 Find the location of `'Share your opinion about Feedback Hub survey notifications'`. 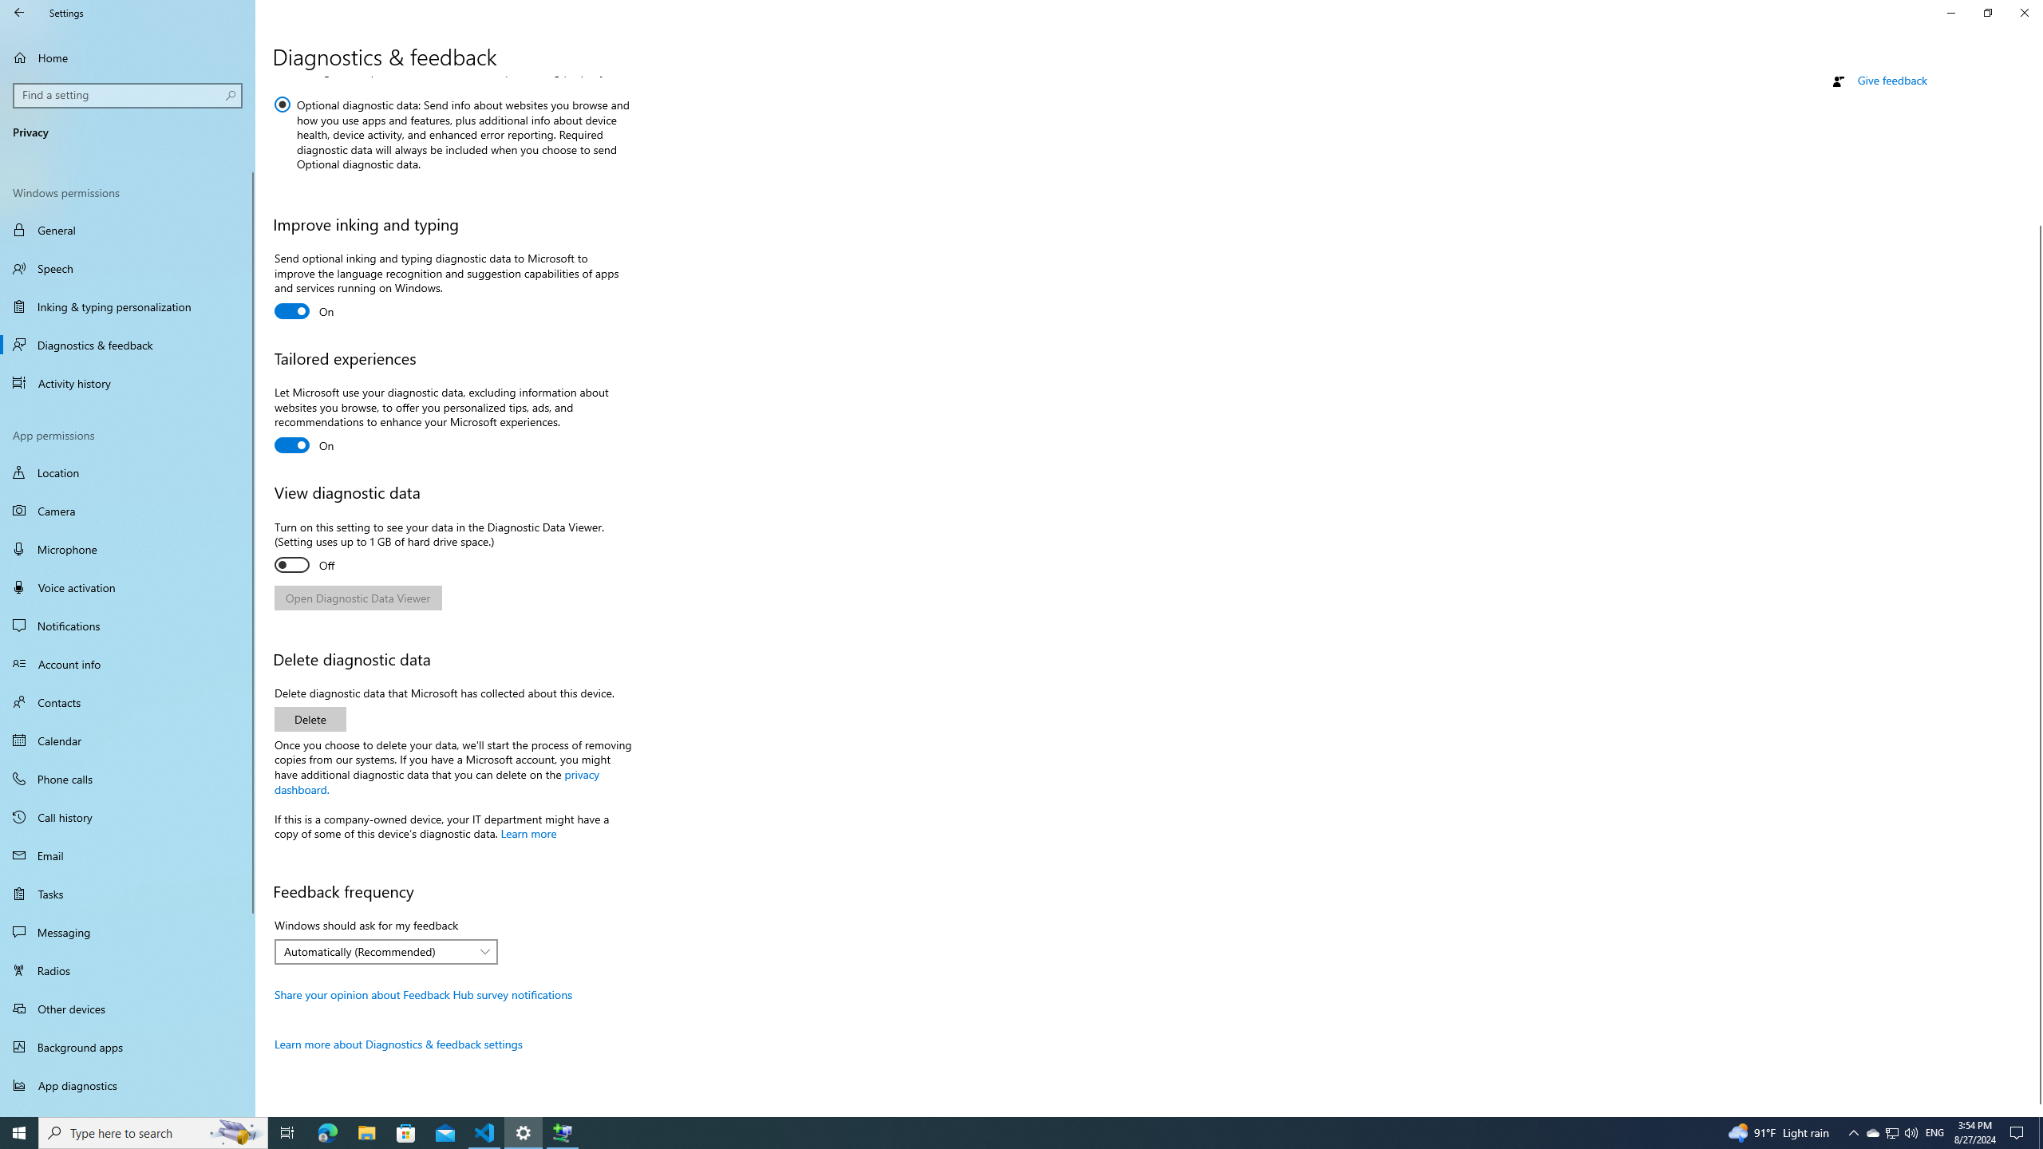

'Share your opinion about Feedback Hub survey notifications' is located at coordinates (422, 993).